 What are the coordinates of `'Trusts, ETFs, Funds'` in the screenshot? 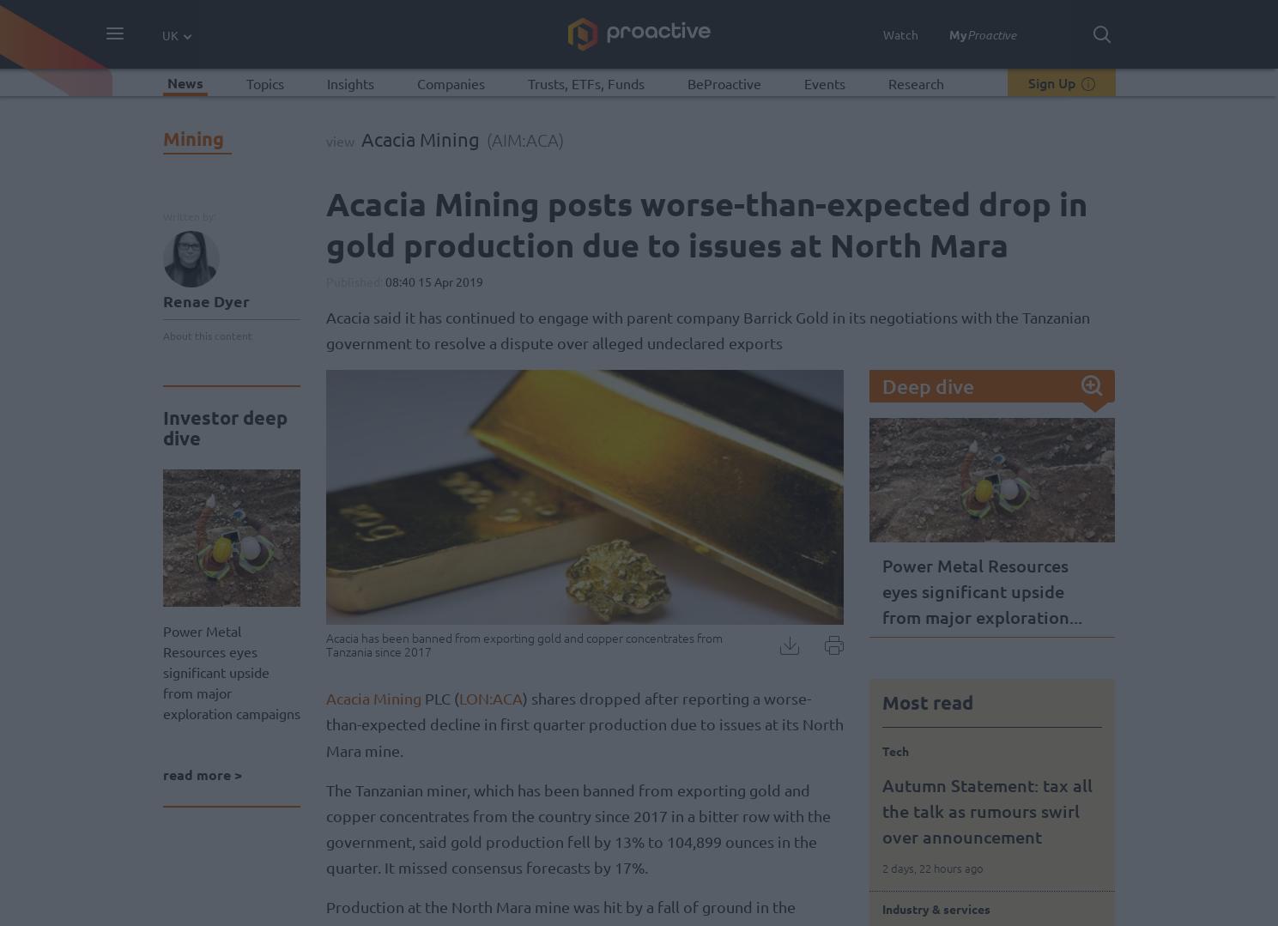 It's located at (584, 83).